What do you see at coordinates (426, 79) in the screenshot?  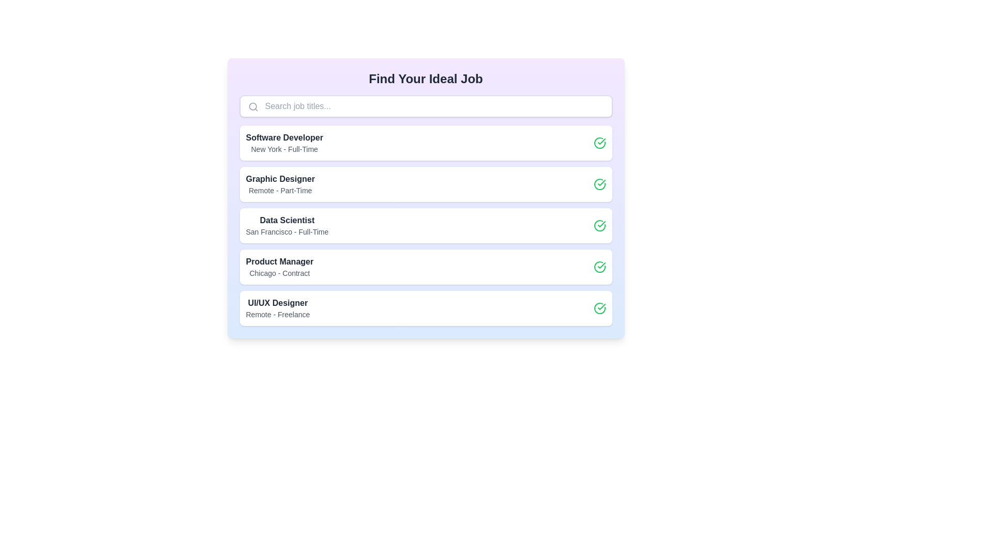 I see `text label that serves as a section header for job listings, positioned at the top center of the card layout` at bounding box center [426, 79].